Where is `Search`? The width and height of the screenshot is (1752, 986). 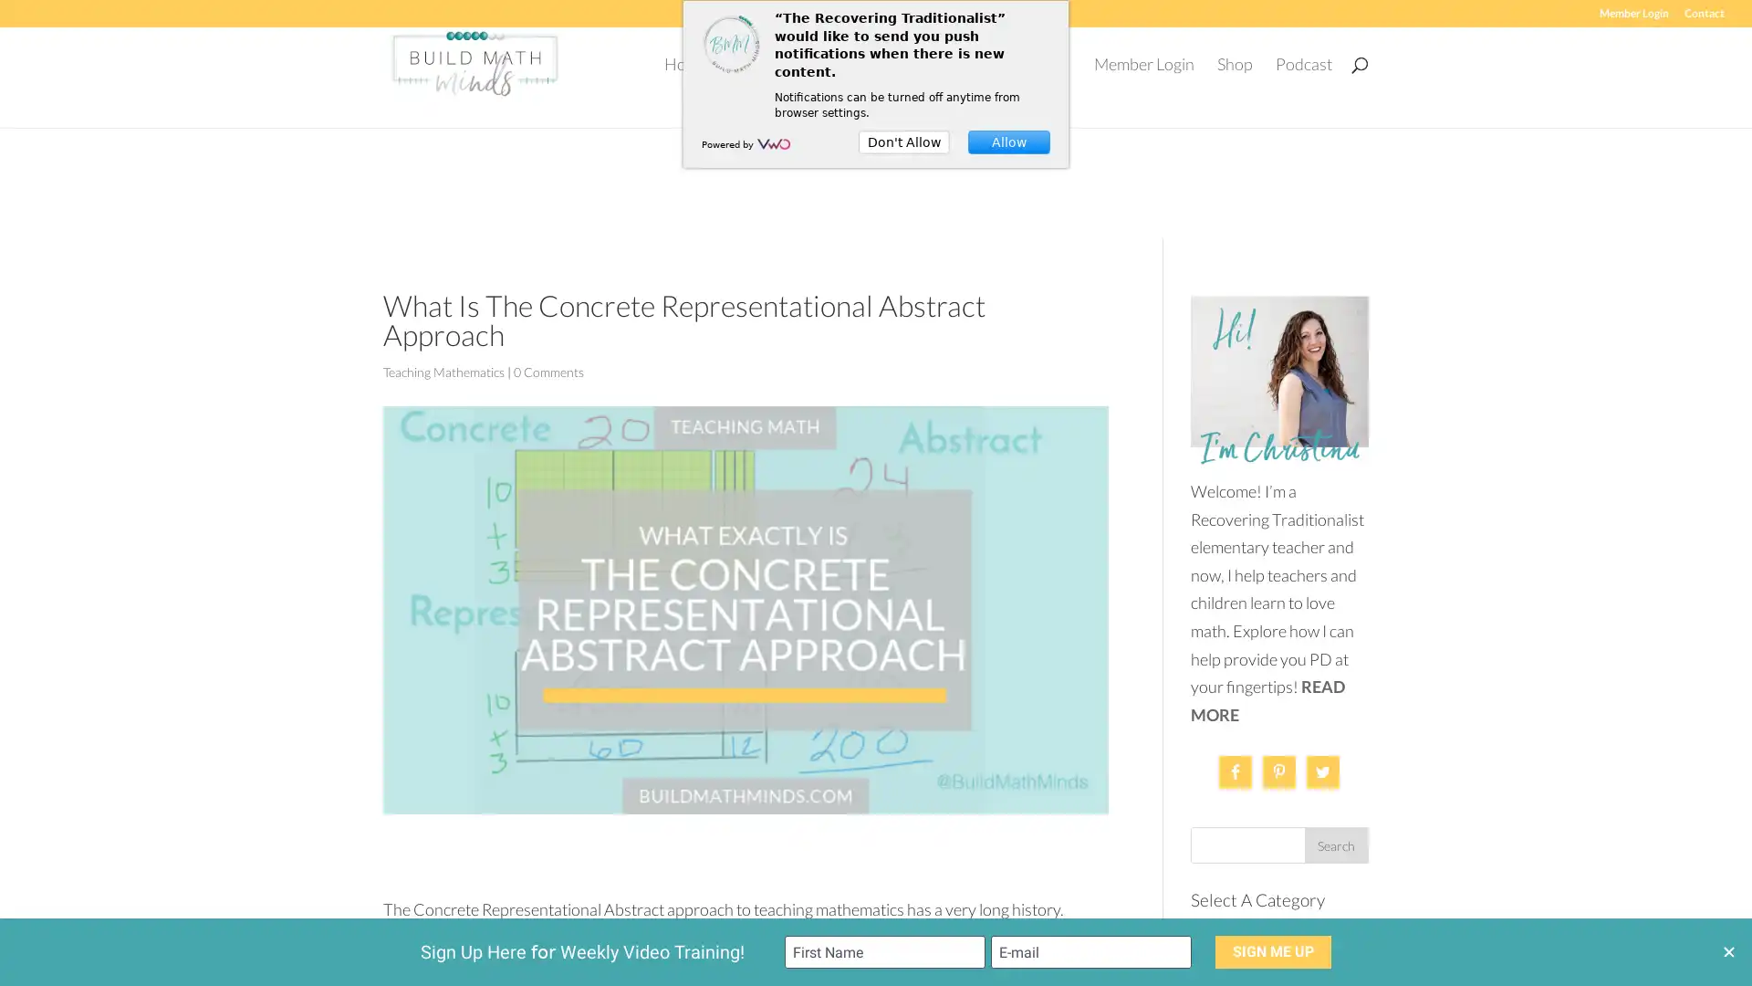
Search is located at coordinates (1336, 830).